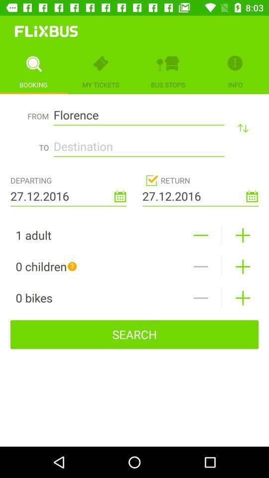  I want to click on destination field, so click(138, 143).